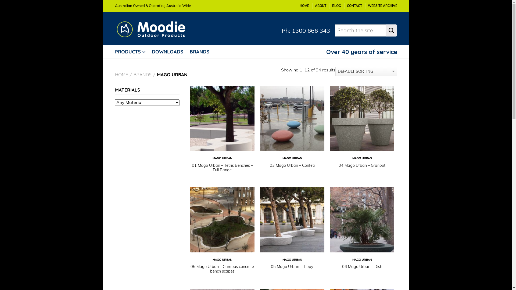  Describe the element at coordinates (142, 74) in the screenshot. I see `'BRANDS'` at that location.